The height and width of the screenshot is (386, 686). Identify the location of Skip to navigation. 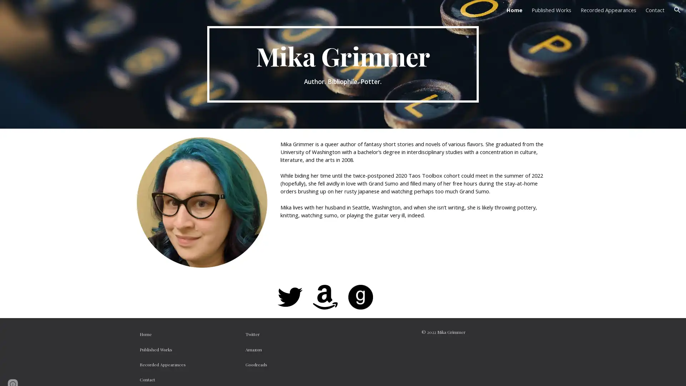
(407, 13).